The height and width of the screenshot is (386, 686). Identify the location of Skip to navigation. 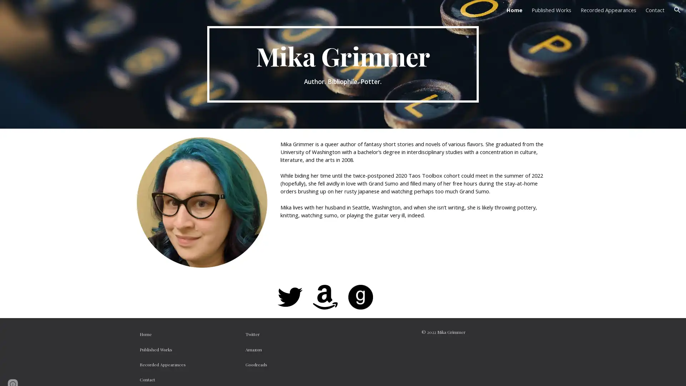
(407, 13).